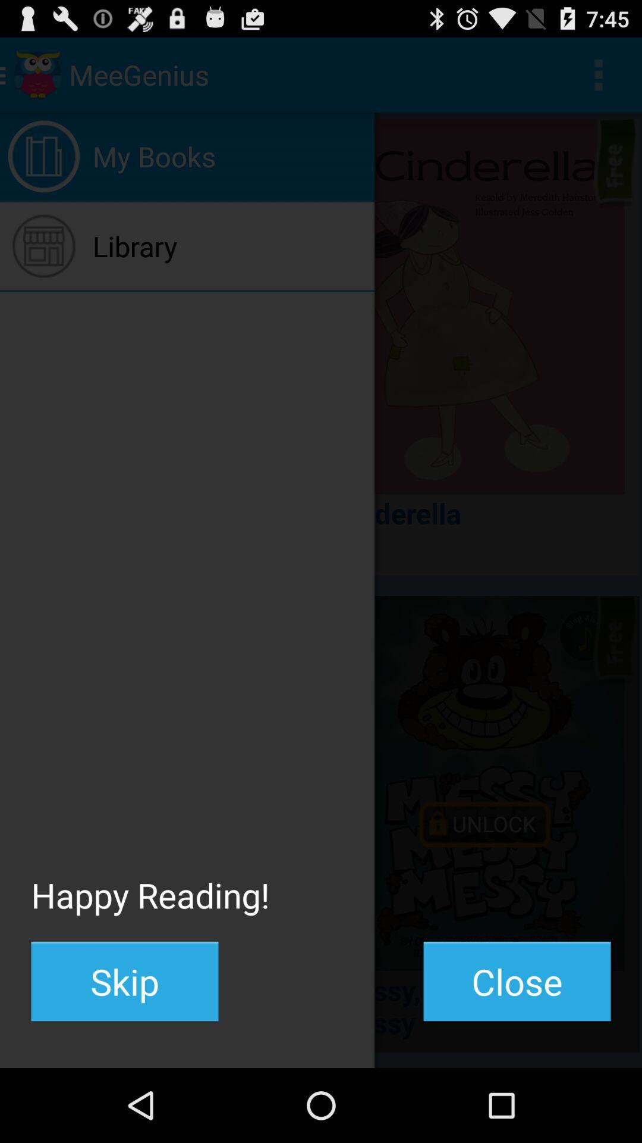 The image size is (642, 1143). Describe the element at coordinates (517, 981) in the screenshot. I see `the item next to the skip button` at that location.